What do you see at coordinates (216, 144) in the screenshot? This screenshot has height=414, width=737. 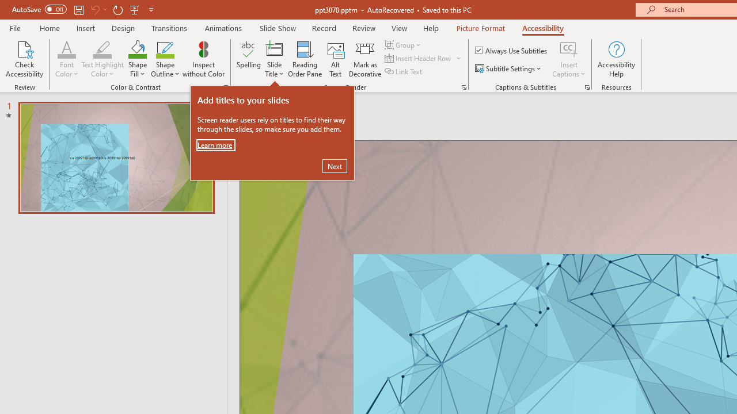 I see `'Learn more'` at bounding box center [216, 144].